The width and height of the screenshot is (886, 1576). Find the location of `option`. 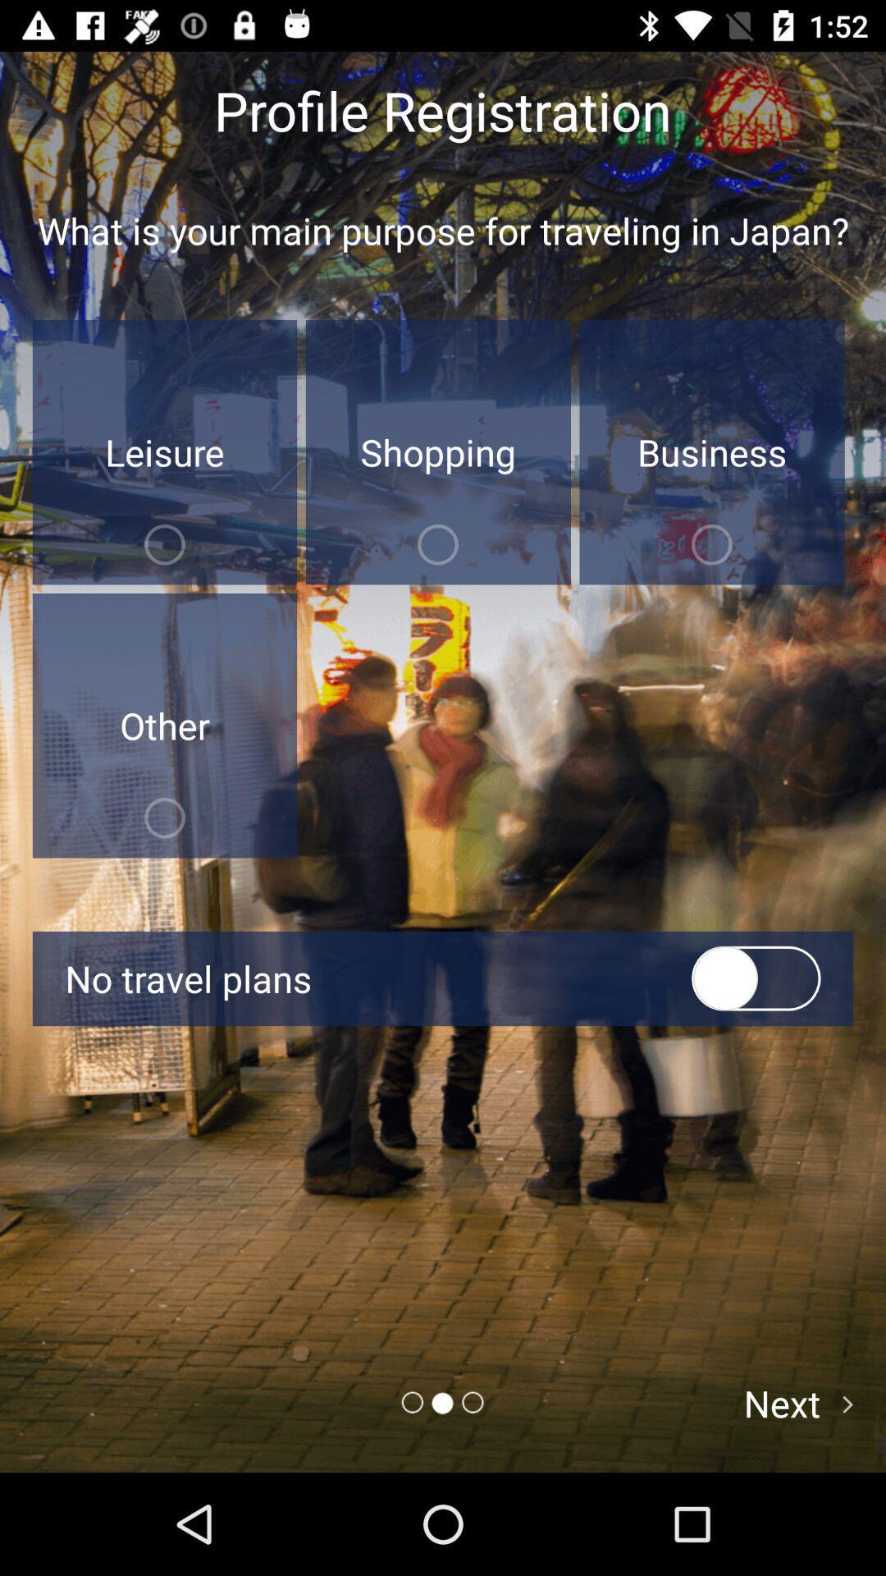

option is located at coordinates (756, 978).